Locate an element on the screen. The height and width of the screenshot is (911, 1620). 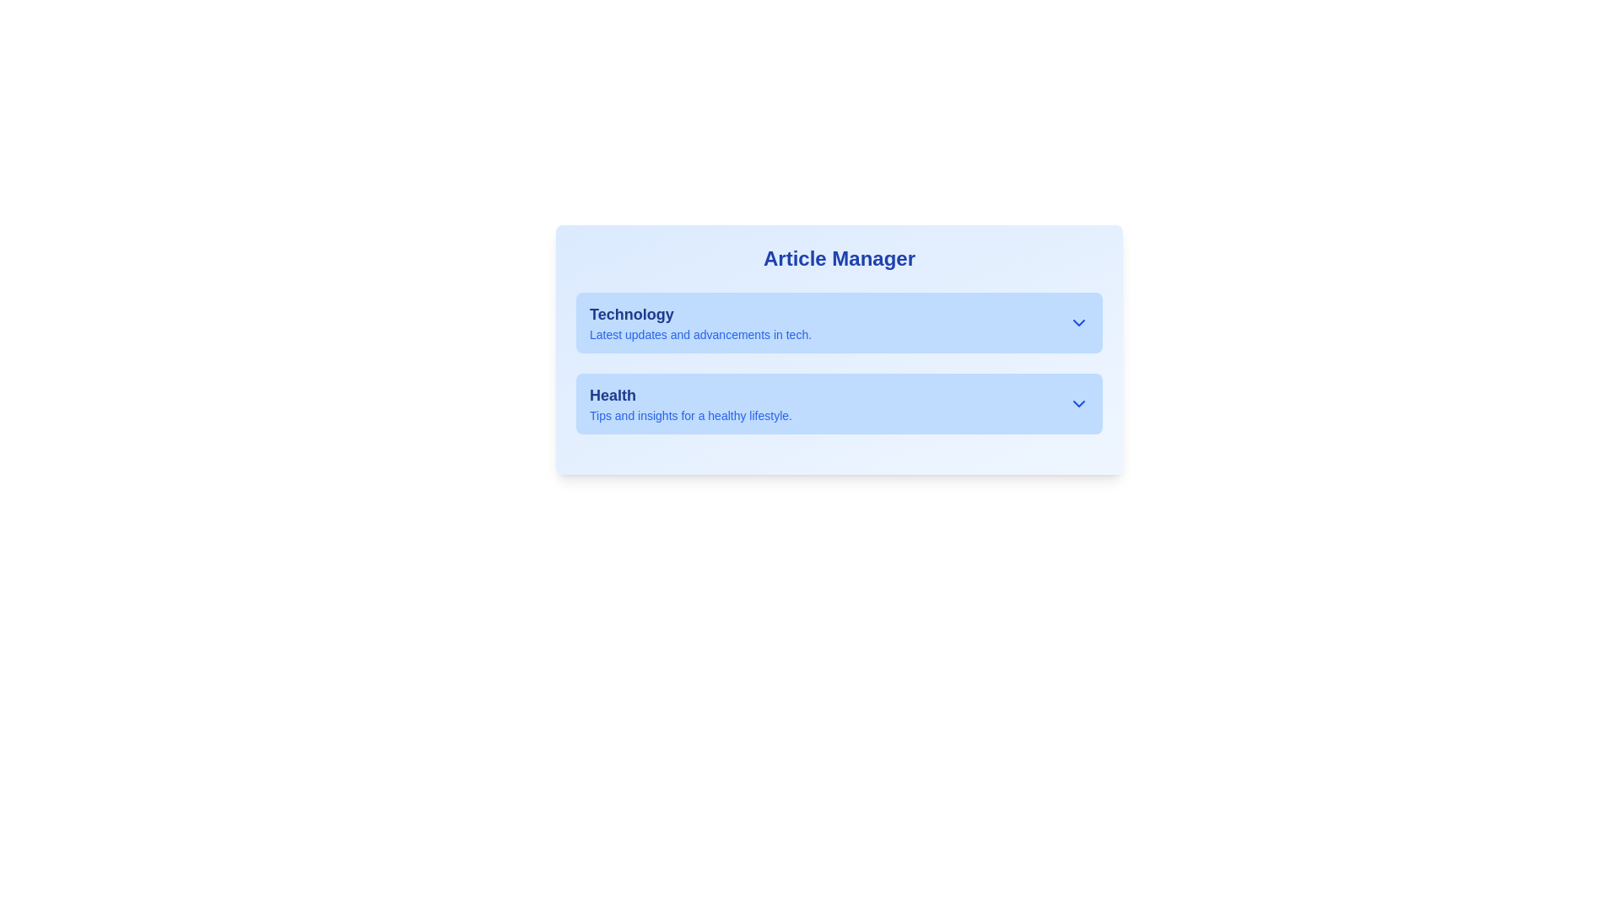
the Text Header element that serves as a title for the health section, located below 'Technology' and above the descriptive text 'Tips and insights for a healthy lifestyle' is located at coordinates (690, 396).